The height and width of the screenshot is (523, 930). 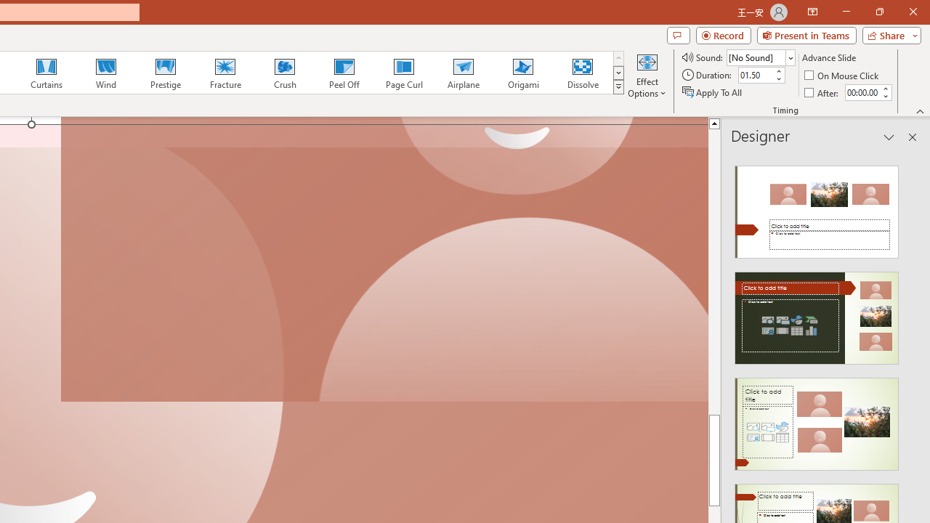 I want to click on 'Peel Off', so click(x=343, y=73).